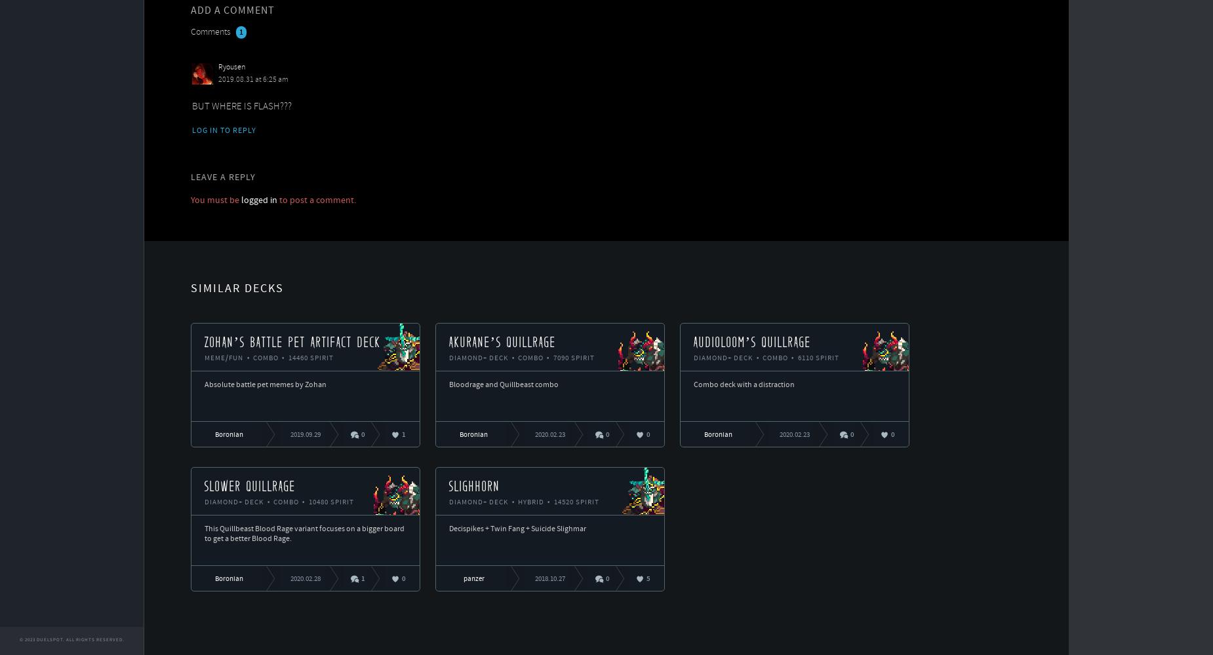  What do you see at coordinates (230, 66) in the screenshot?
I see `'Ryousen'` at bounding box center [230, 66].